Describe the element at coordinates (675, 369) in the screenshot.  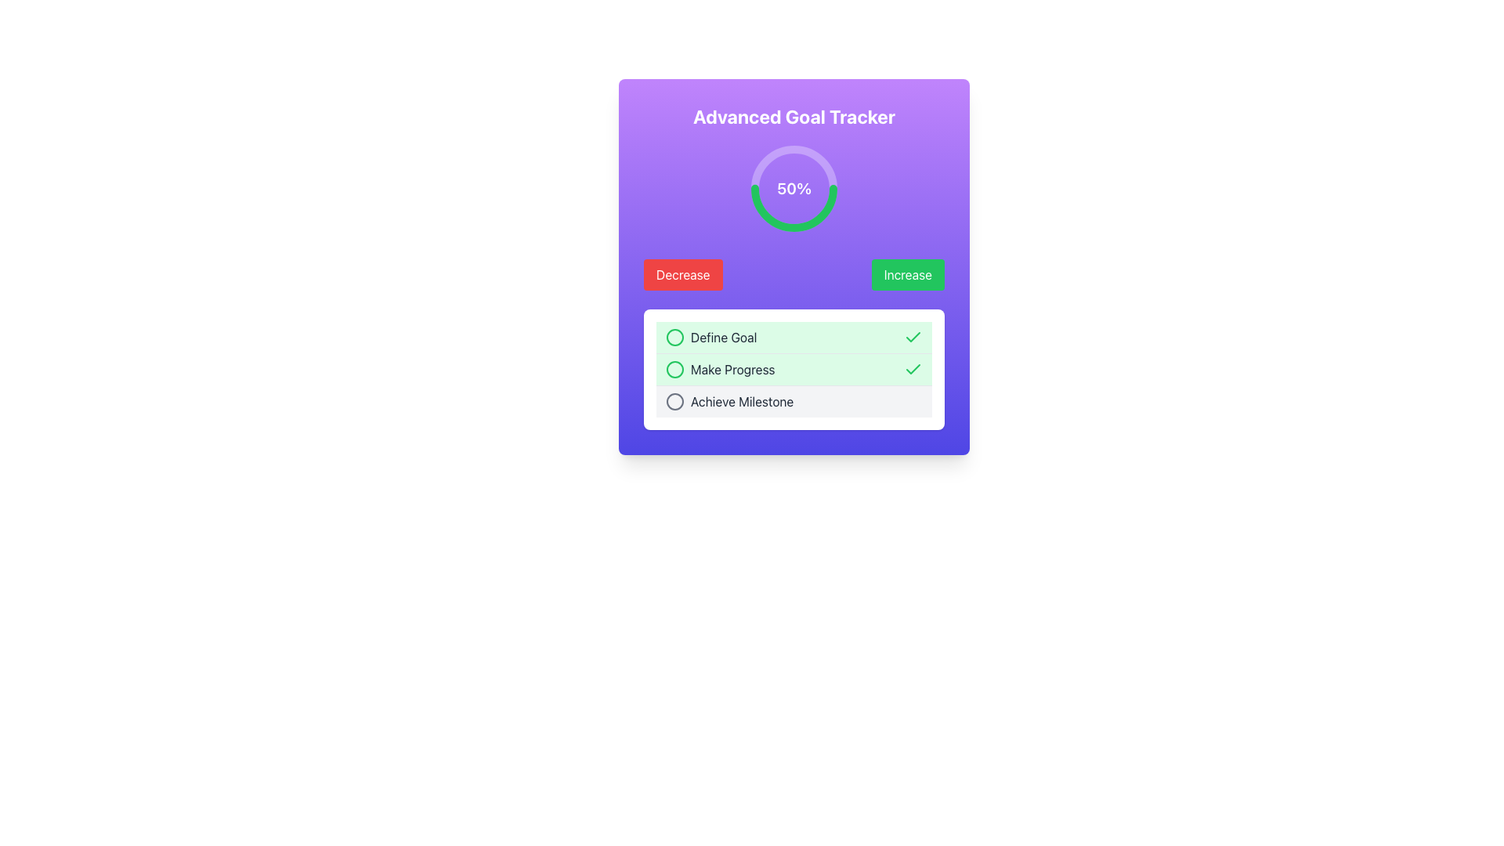
I see `the status indicator icon located in the second row of the progress tracker section, positioned to the left of the 'Make Progress' text` at that location.